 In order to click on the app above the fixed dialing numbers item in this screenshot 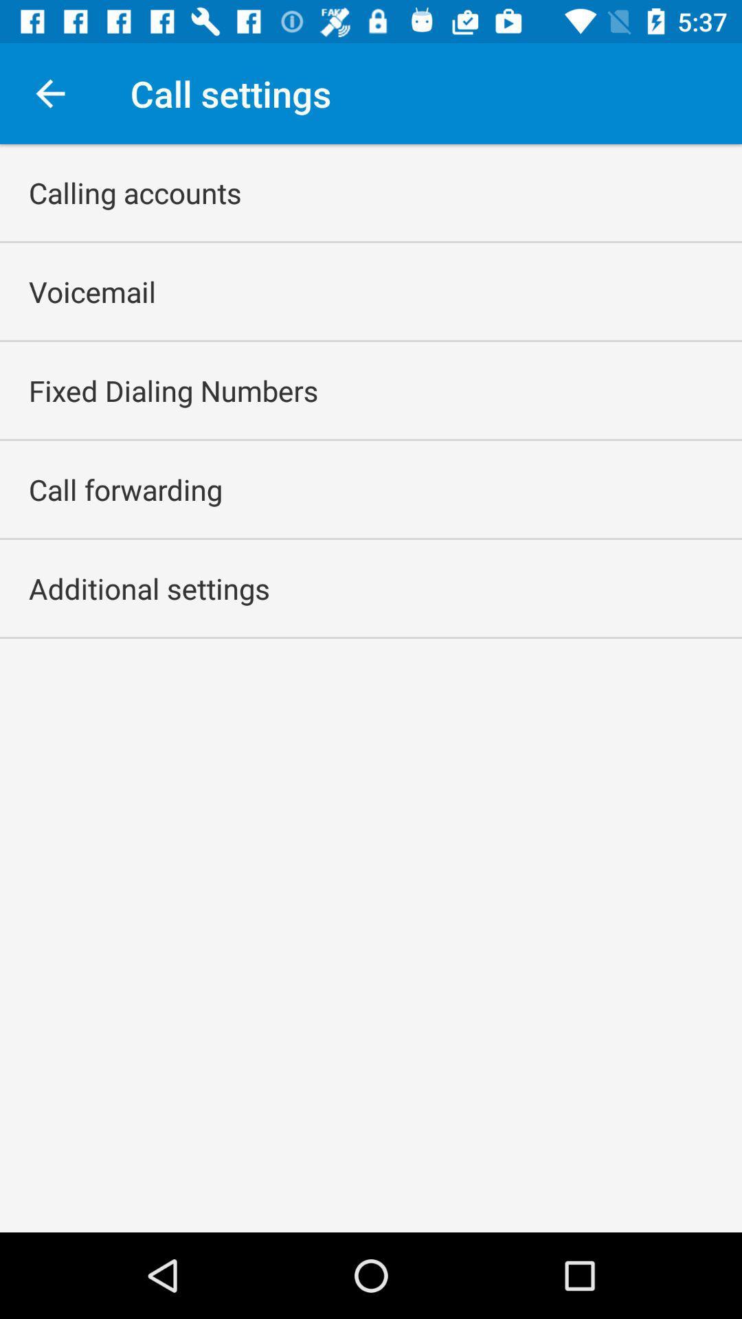, I will do `click(92, 291)`.